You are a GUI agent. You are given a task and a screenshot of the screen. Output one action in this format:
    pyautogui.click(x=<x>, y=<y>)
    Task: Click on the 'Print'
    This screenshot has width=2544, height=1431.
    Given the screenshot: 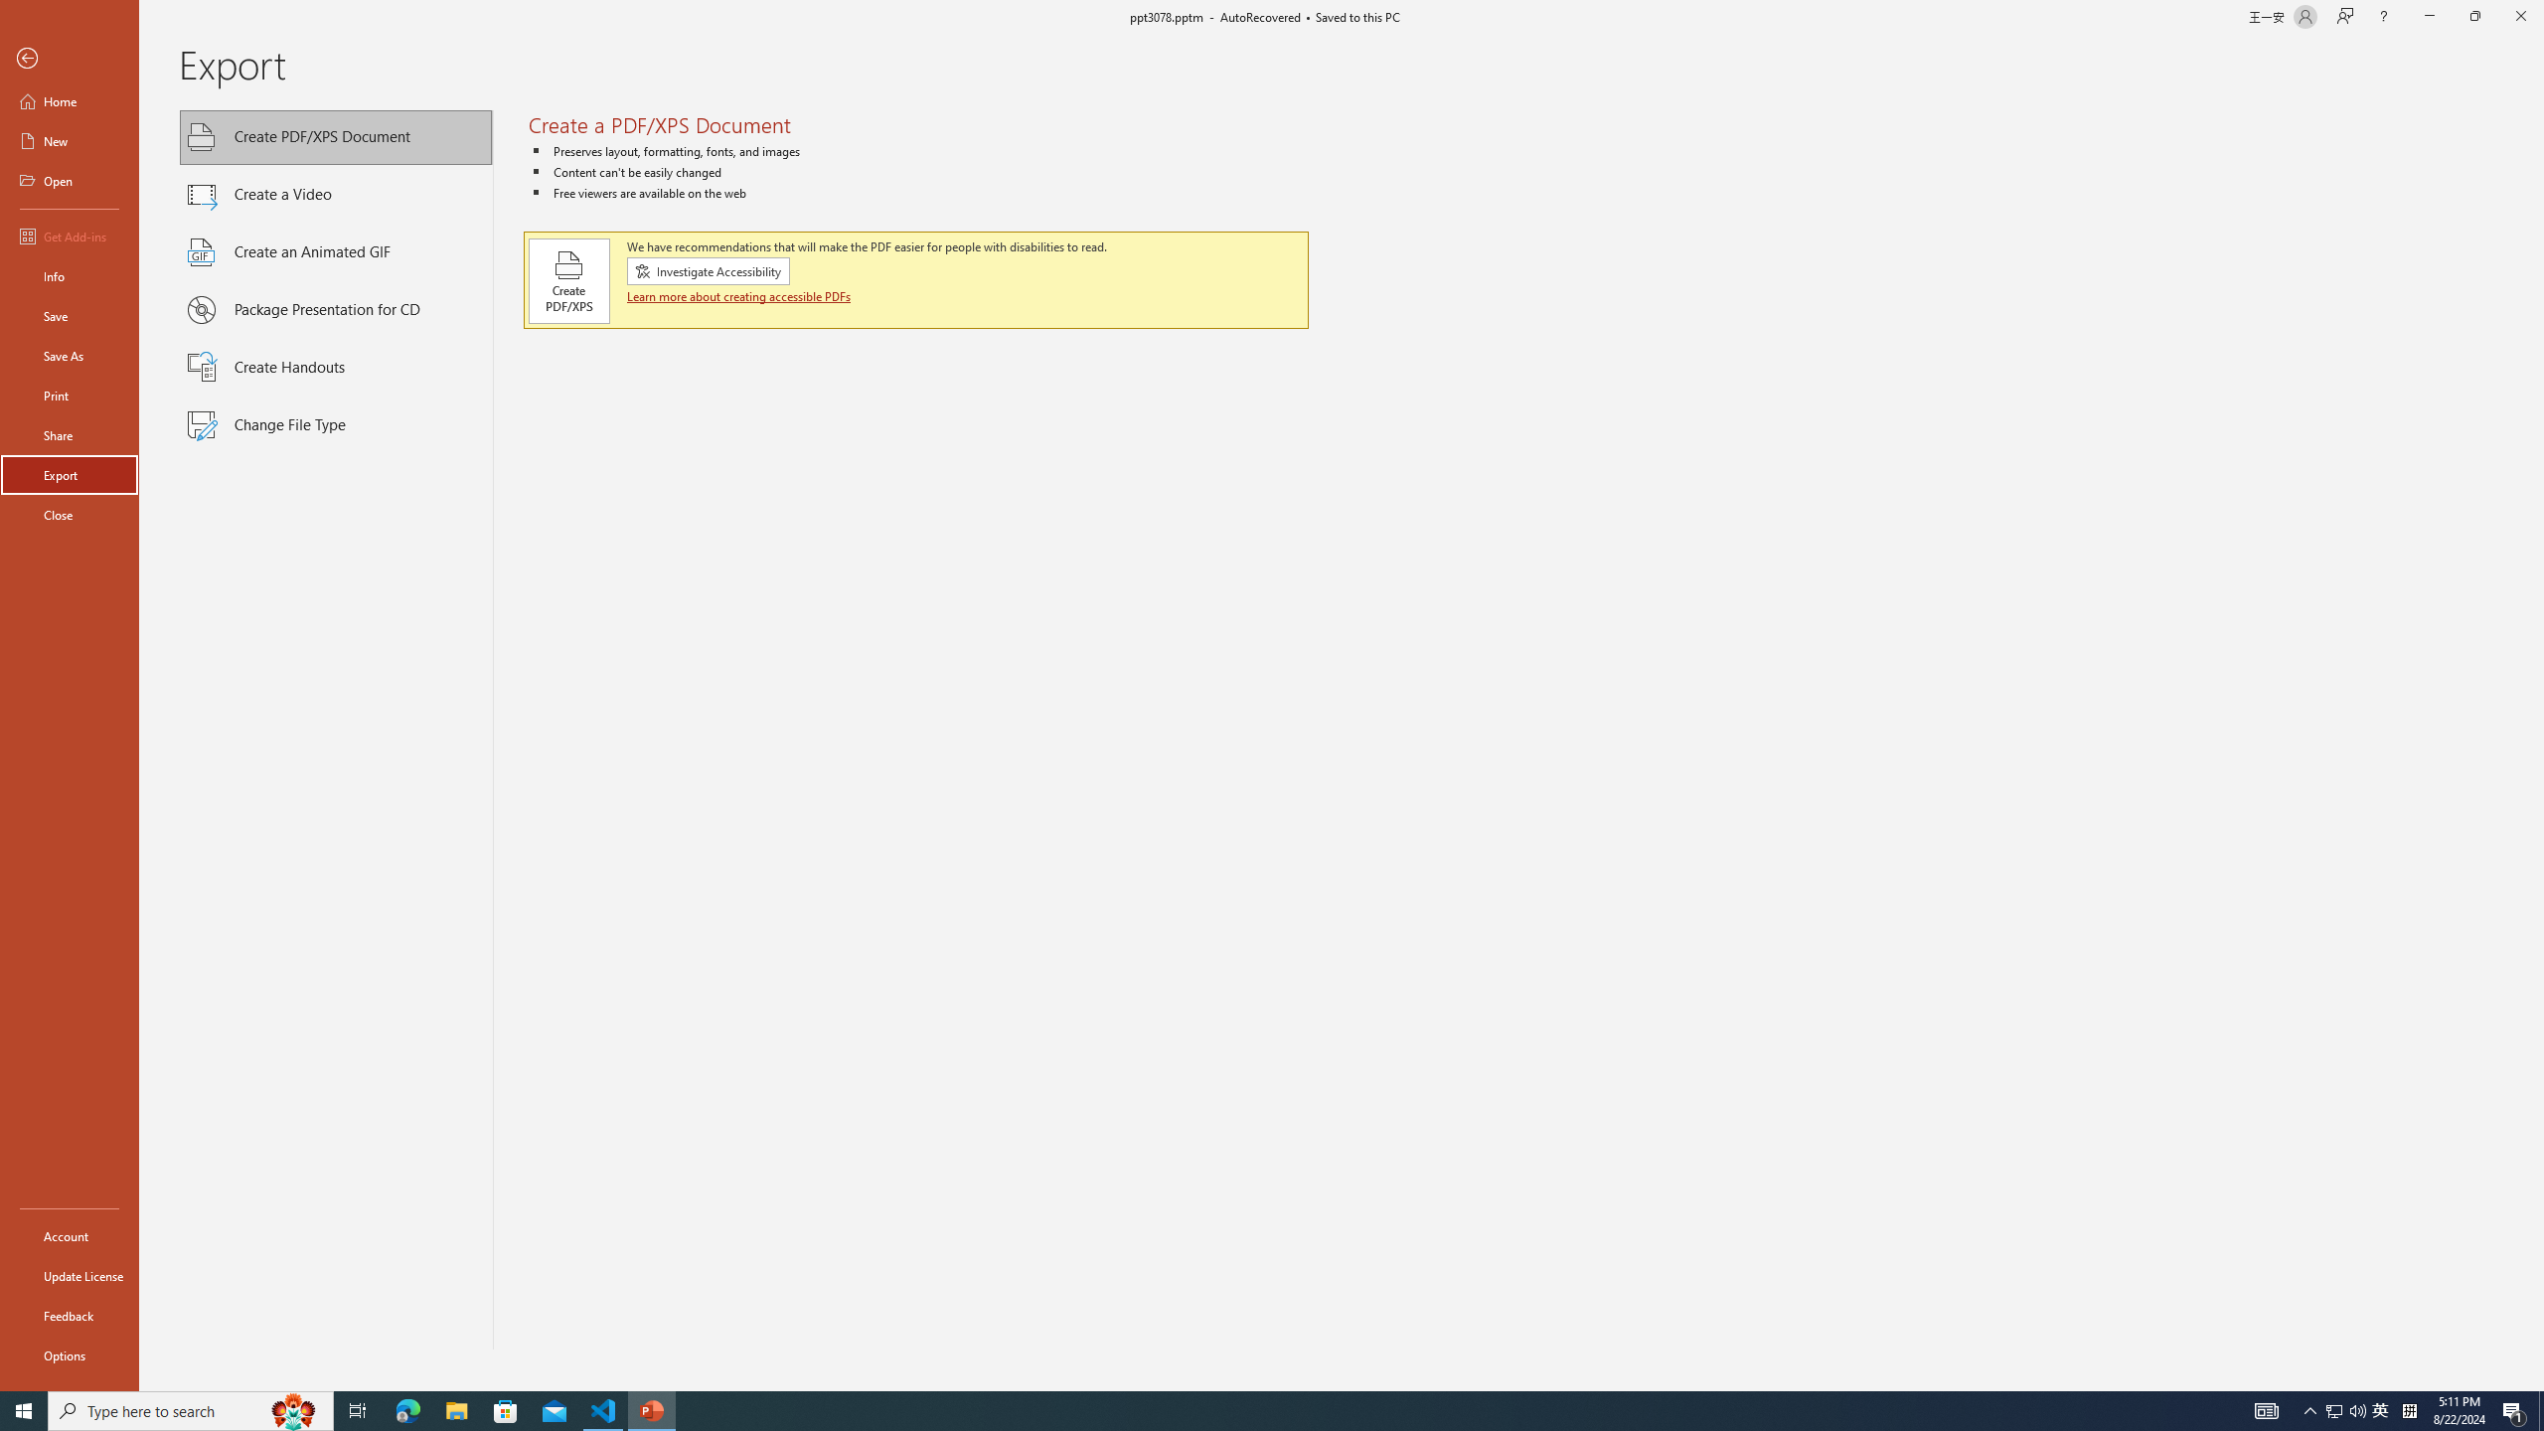 What is the action you would take?
    pyautogui.click(x=69, y=395)
    